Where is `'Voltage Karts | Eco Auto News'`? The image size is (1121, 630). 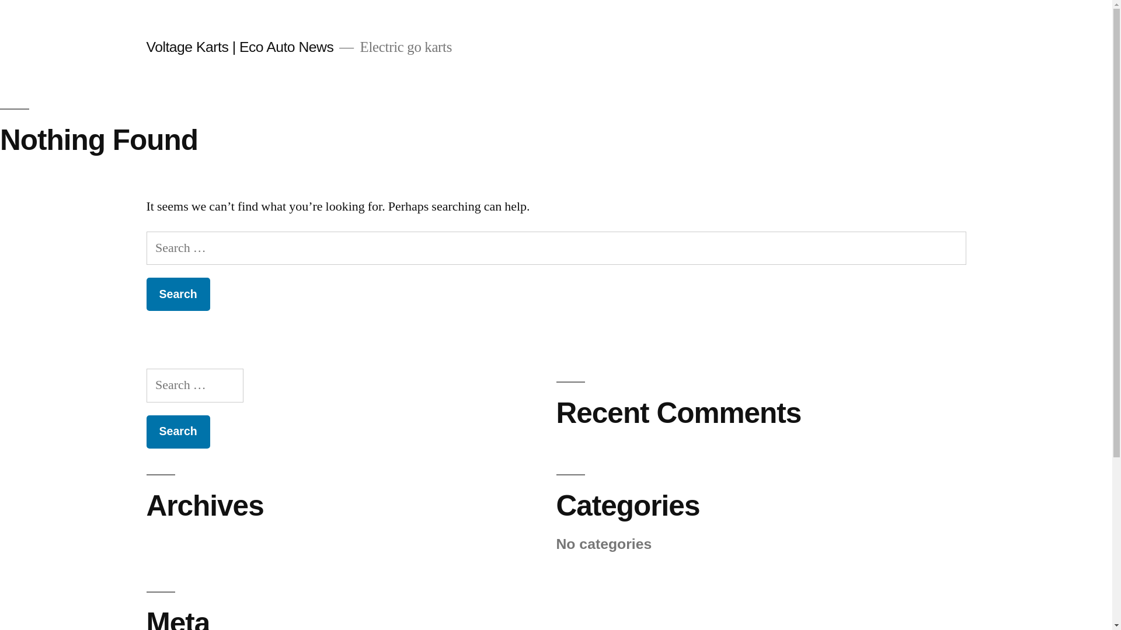 'Voltage Karts | Eco Auto News' is located at coordinates (145, 46).